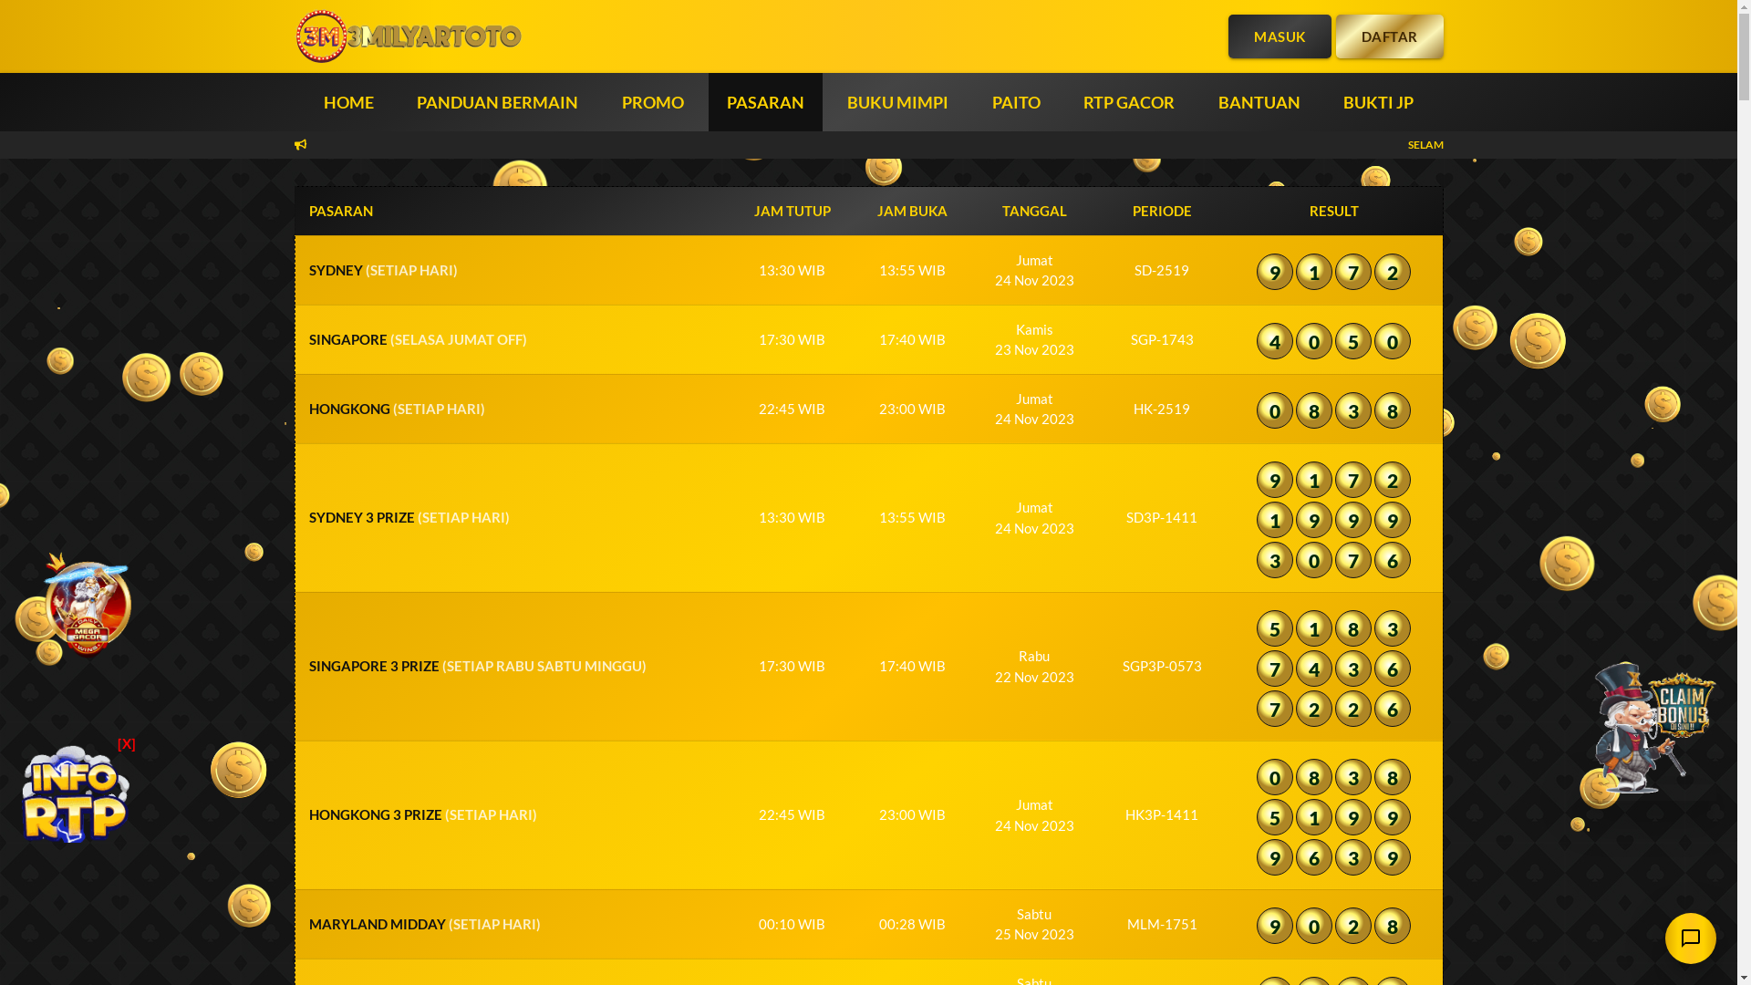  What do you see at coordinates (1378, 101) in the screenshot?
I see `'BUKTI JP'` at bounding box center [1378, 101].